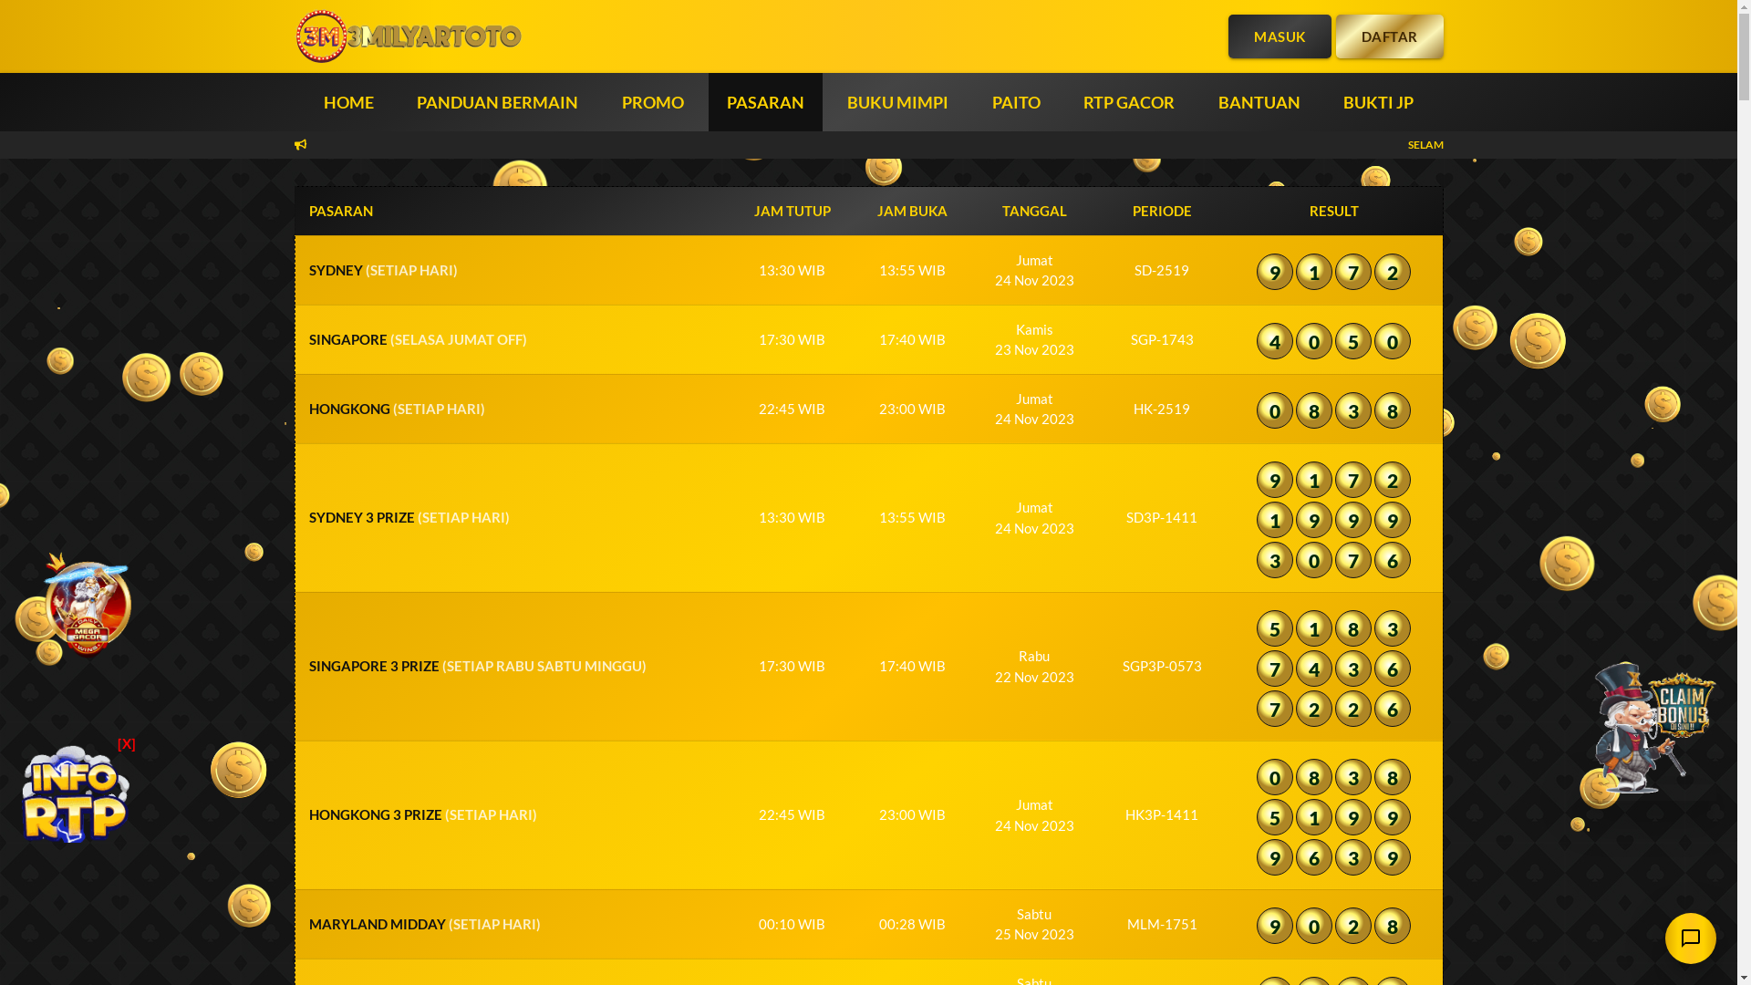  What do you see at coordinates (1378, 101) in the screenshot?
I see `'BUKTI JP'` at bounding box center [1378, 101].